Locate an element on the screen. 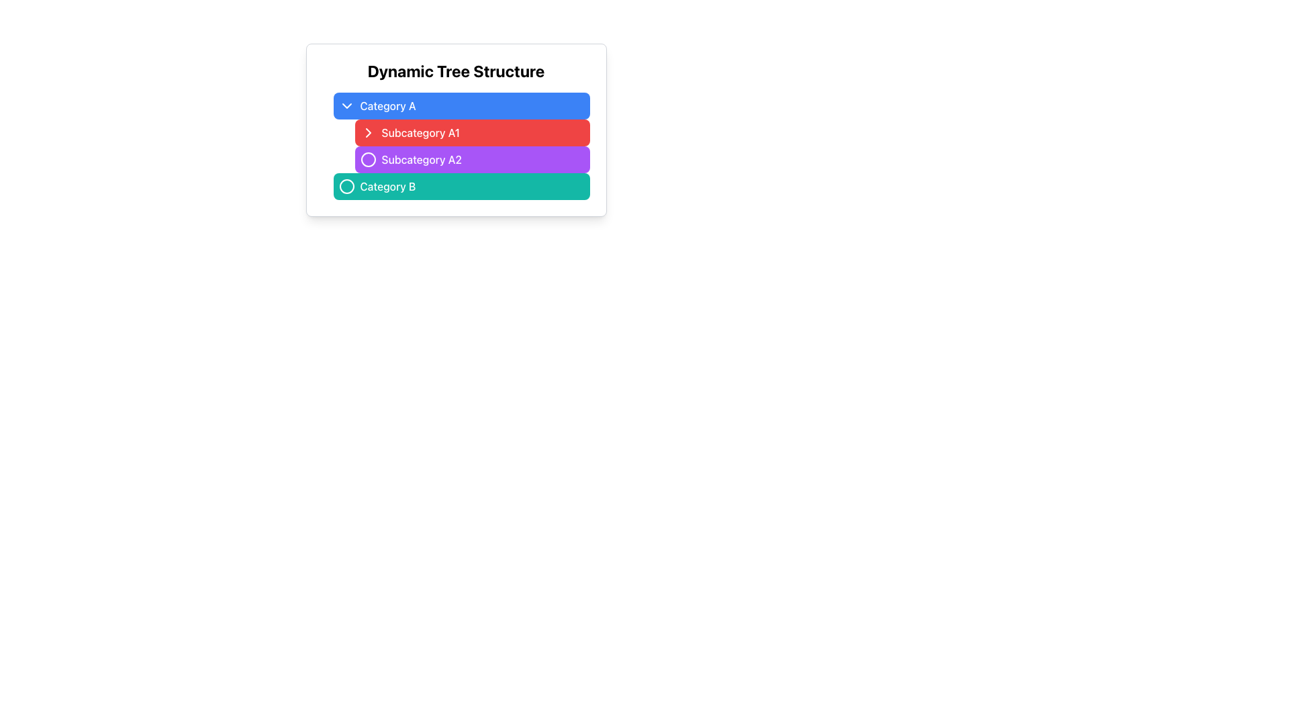 The height and width of the screenshot is (725, 1289). the rectangular button with a teal background labeled 'Category B' located beneath 'Subcategory A2' in the 'Dynamic Tree Structure' is located at coordinates (461, 186).